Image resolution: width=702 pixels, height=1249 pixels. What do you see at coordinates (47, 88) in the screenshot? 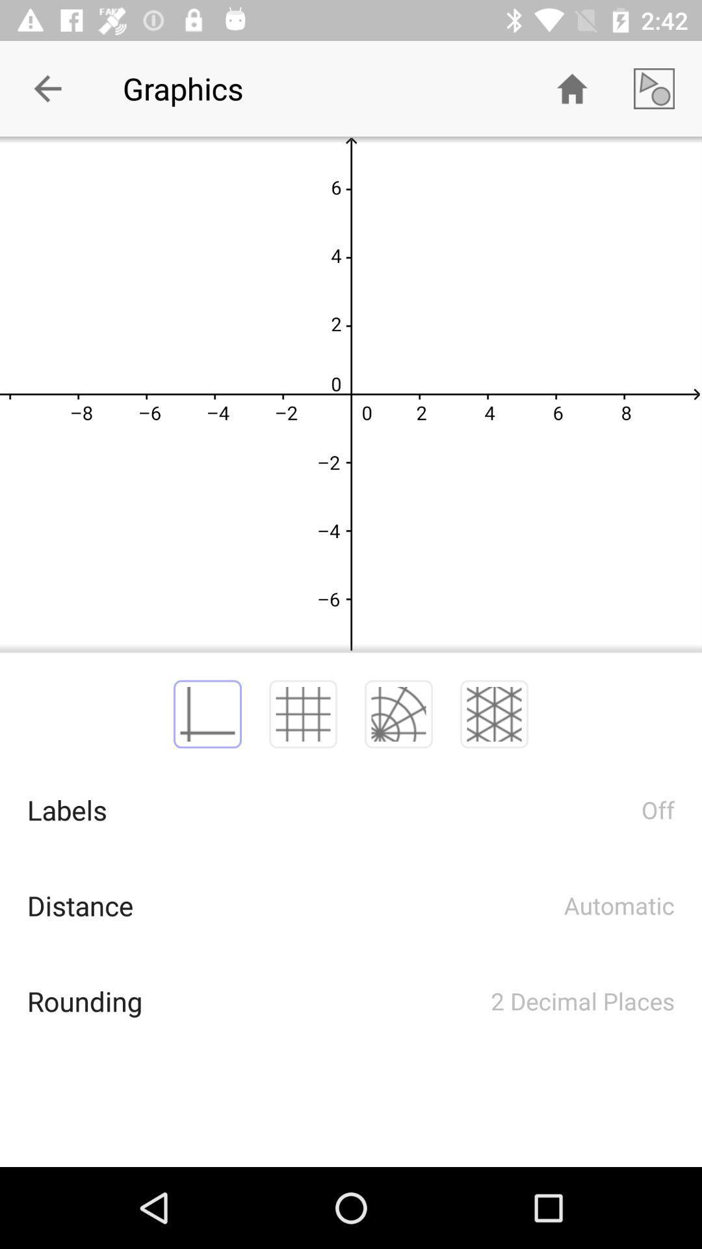
I see `icon next to graphics item` at bounding box center [47, 88].